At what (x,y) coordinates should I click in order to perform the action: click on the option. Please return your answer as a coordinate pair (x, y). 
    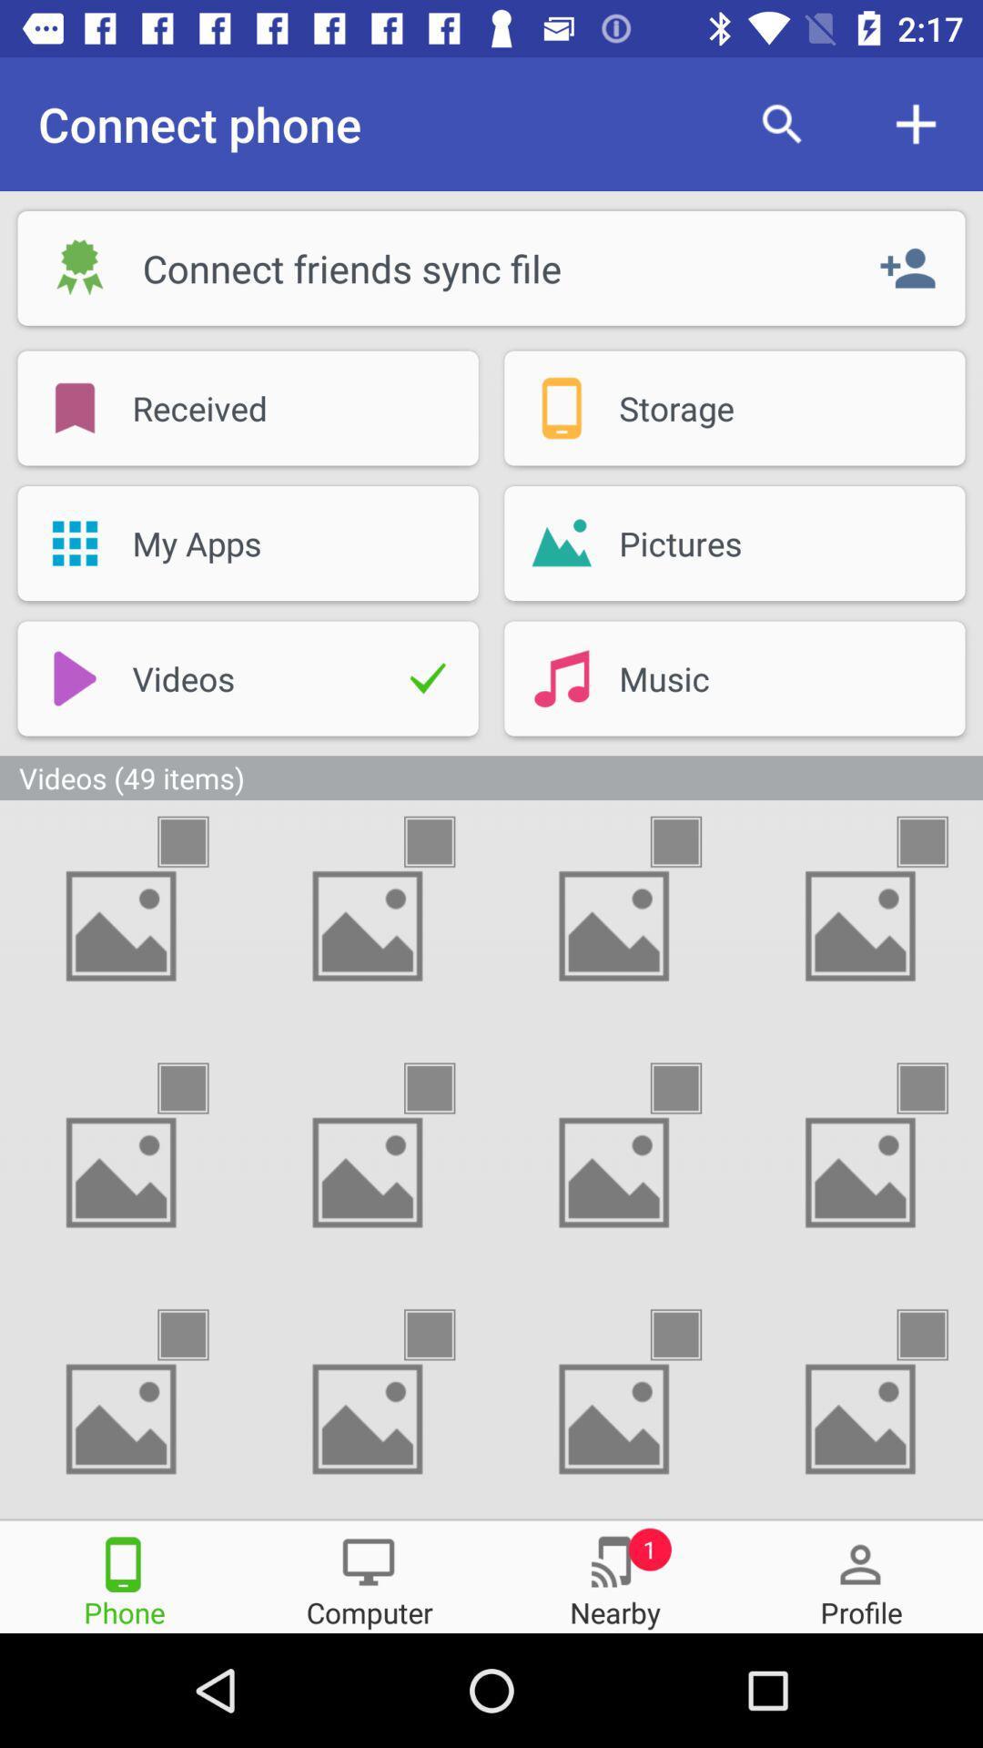
    Looking at the image, I should click on (692, 1088).